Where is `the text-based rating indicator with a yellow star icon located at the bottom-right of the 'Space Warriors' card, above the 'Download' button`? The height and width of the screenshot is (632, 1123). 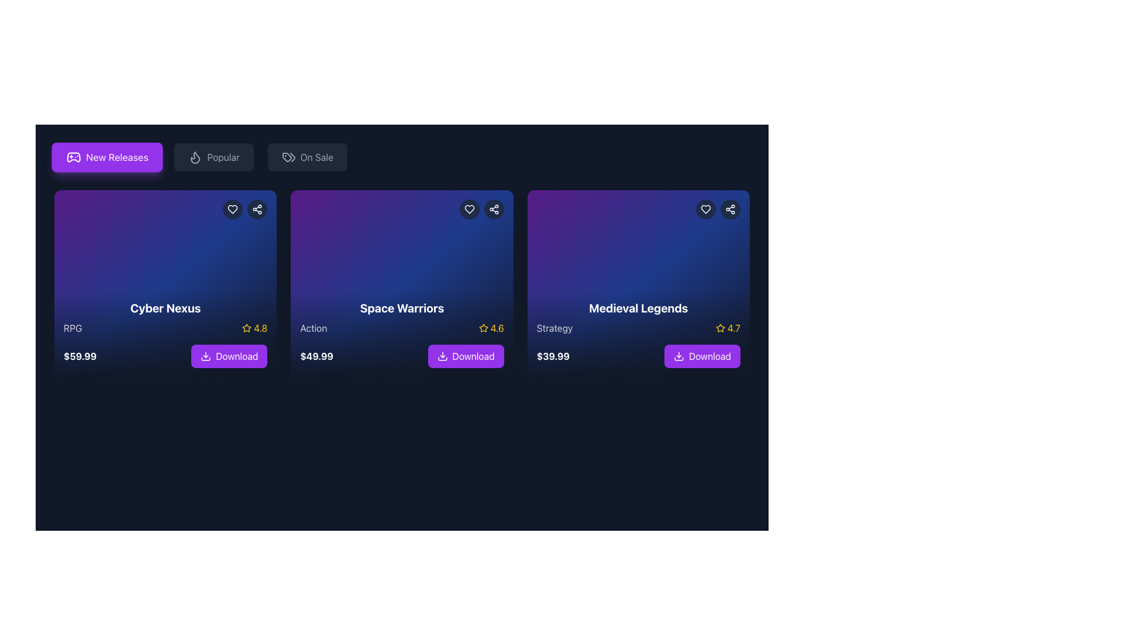
the text-based rating indicator with a yellow star icon located at the bottom-right of the 'Space Warriors' card, above the 'Download' button is located at coordinates (491, 328).